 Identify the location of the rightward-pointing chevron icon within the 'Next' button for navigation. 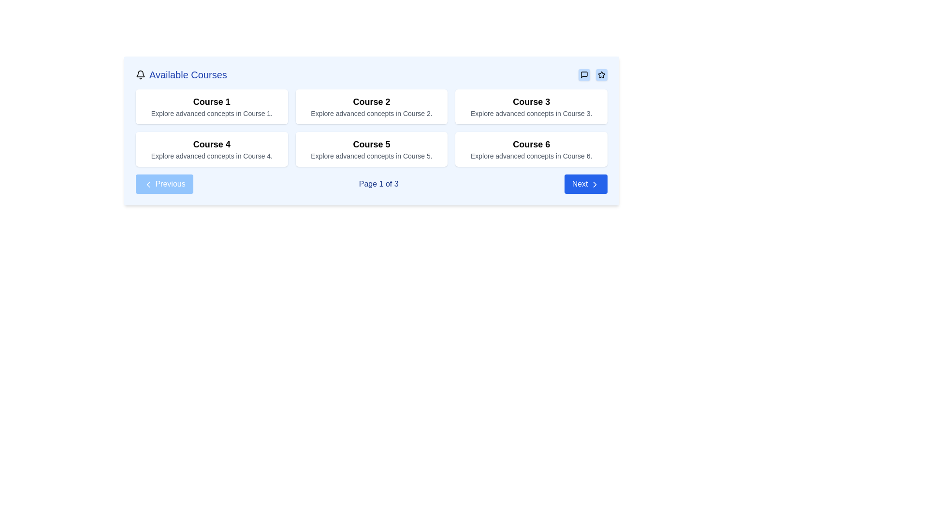
(594, 184).